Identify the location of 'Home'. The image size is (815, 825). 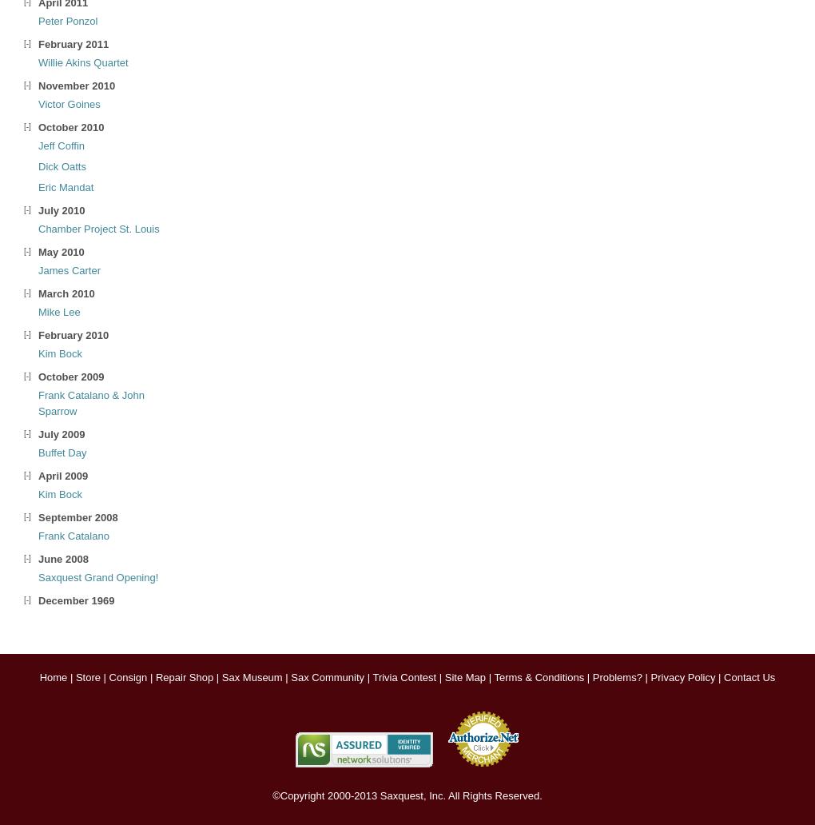
(53, 676).